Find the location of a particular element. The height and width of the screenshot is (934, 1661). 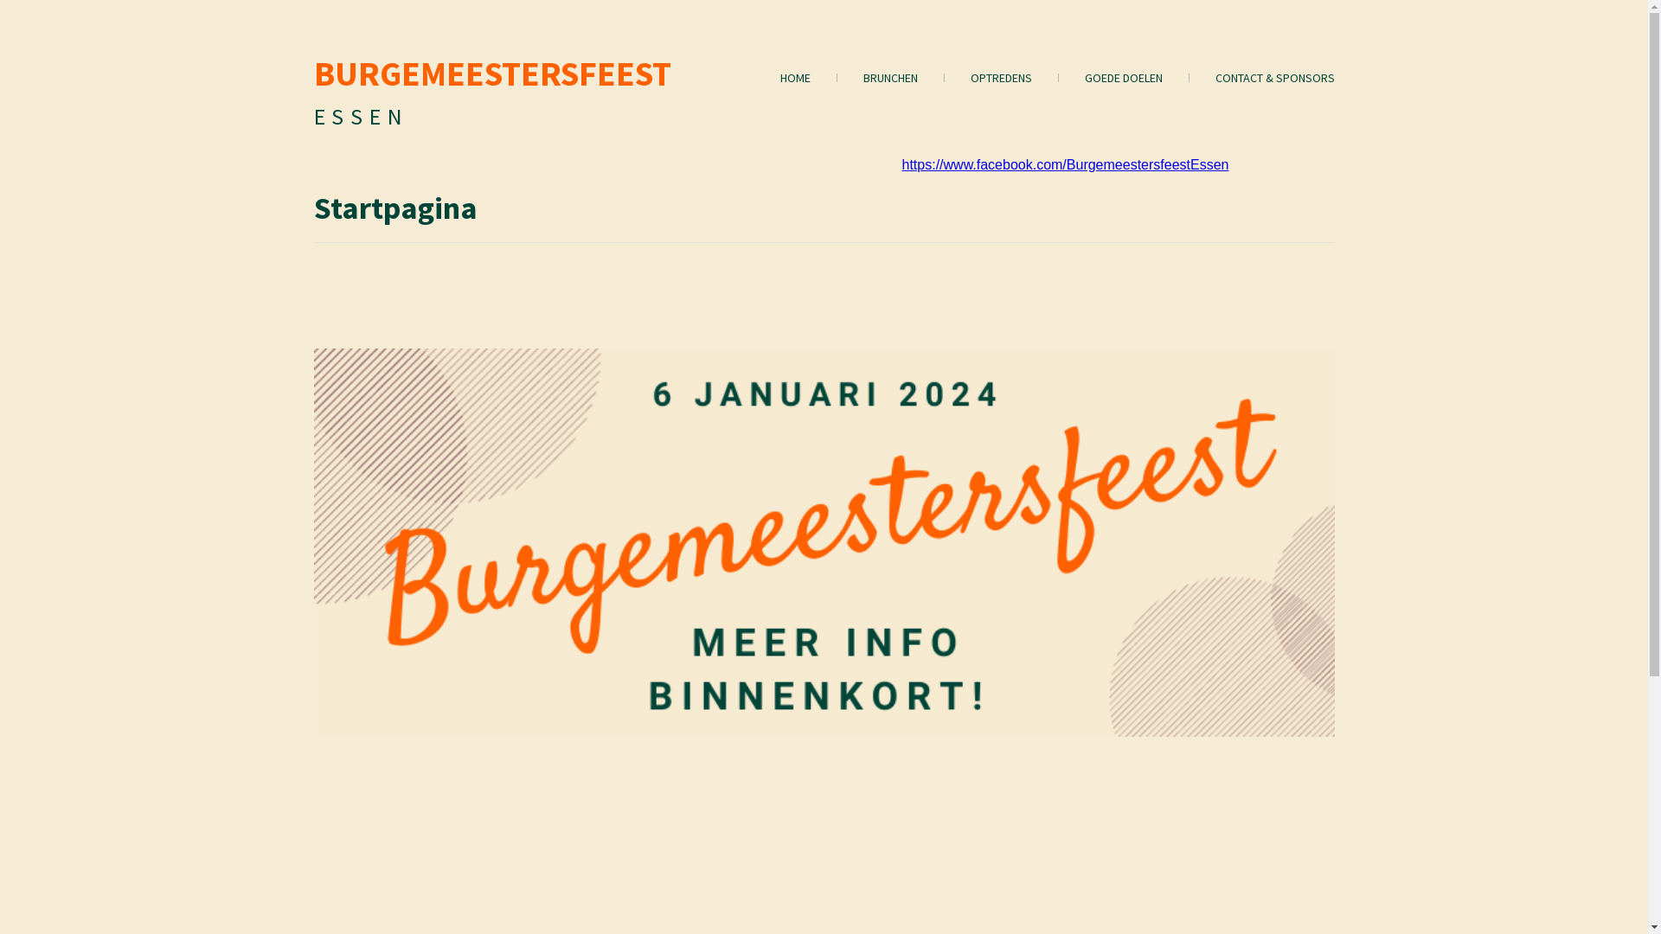

'OPTREDENS' is located at coordinates (988, 76).